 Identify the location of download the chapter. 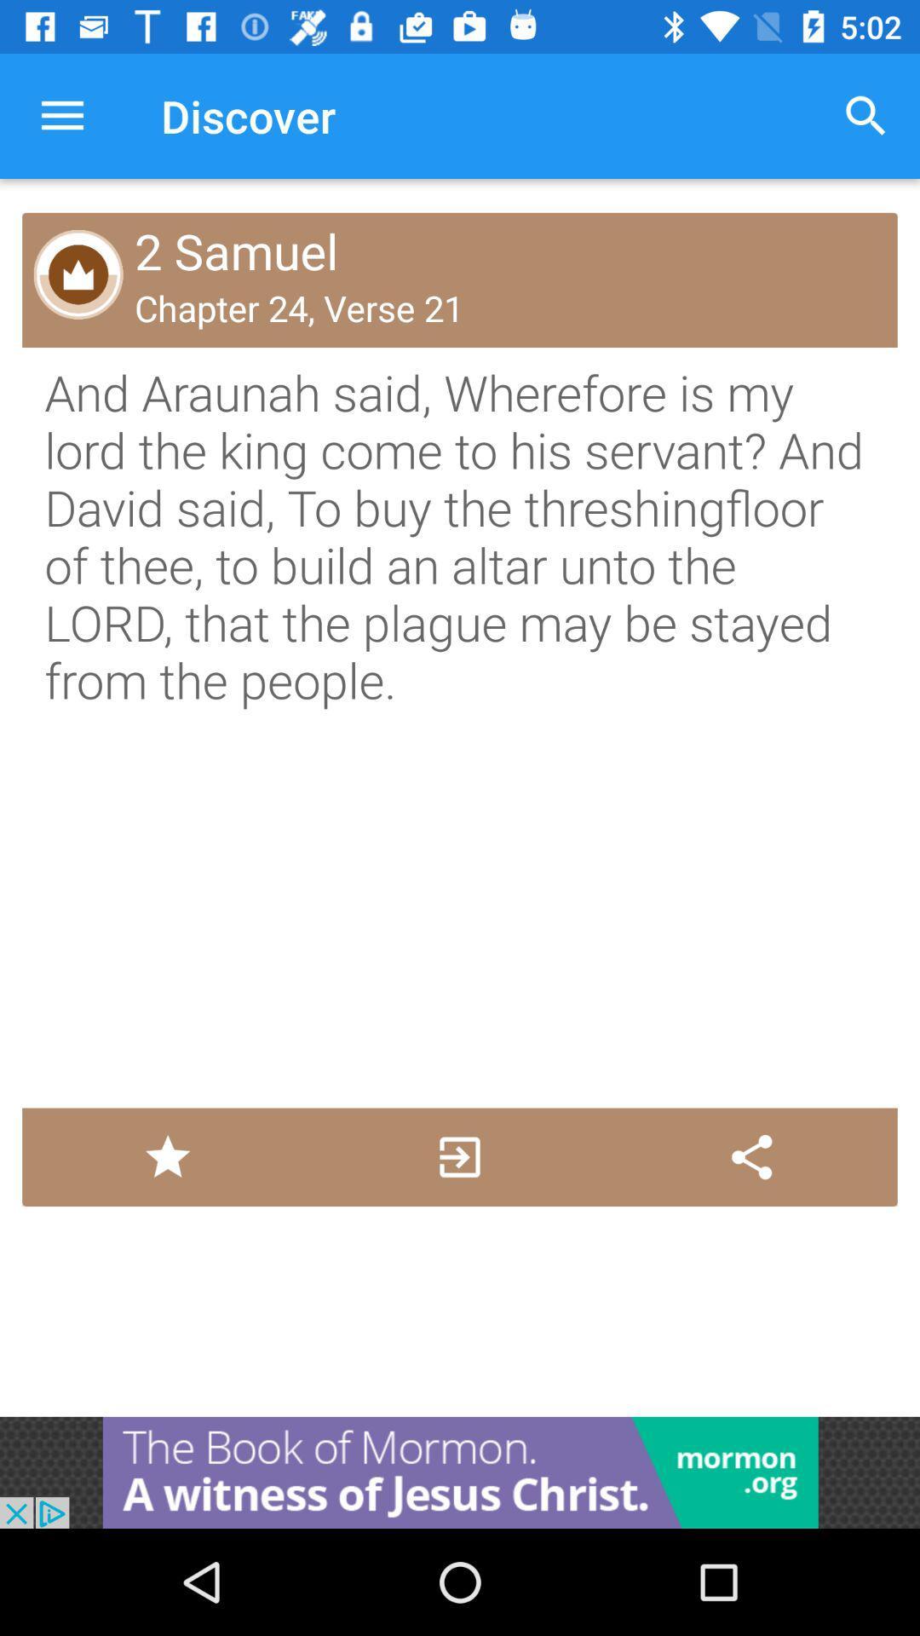
(458, 1157).